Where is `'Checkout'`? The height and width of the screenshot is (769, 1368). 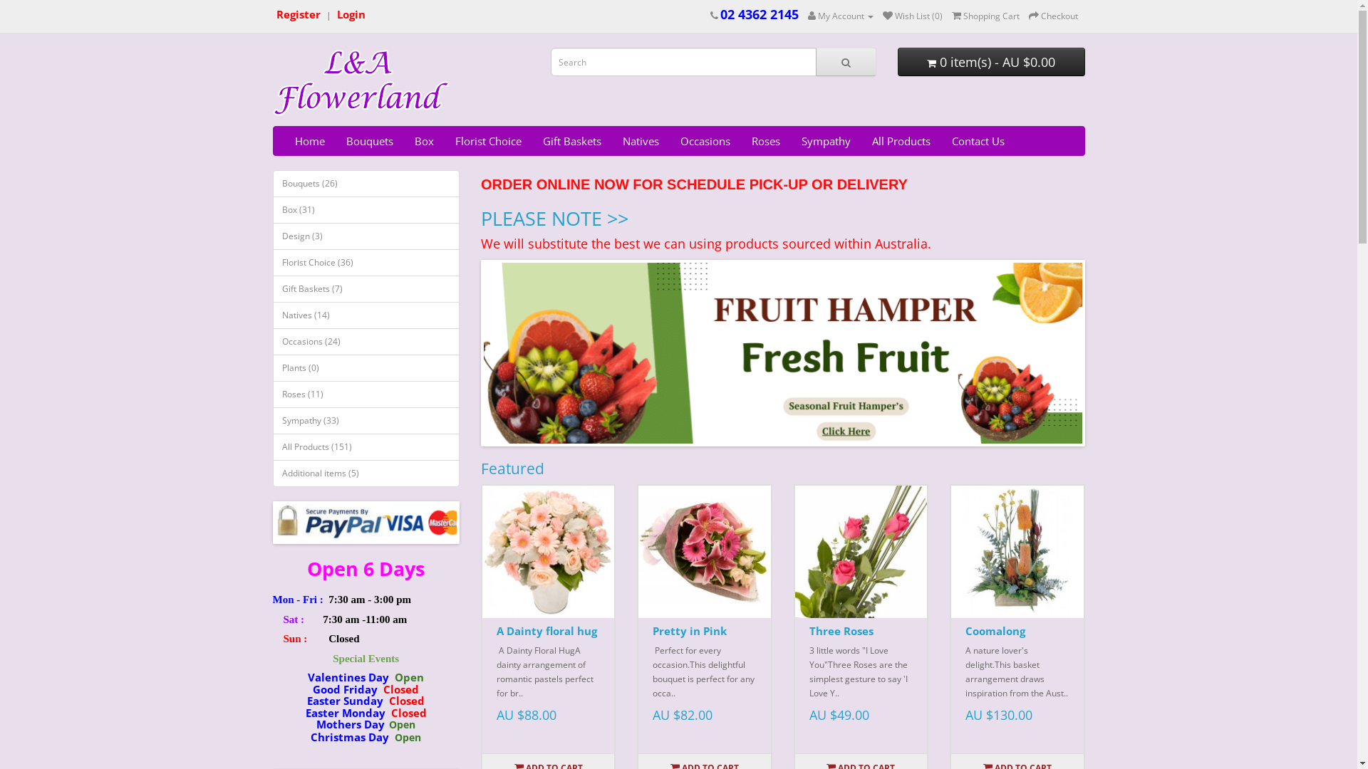
'Checkout' is located at coordinates (1053, 16).